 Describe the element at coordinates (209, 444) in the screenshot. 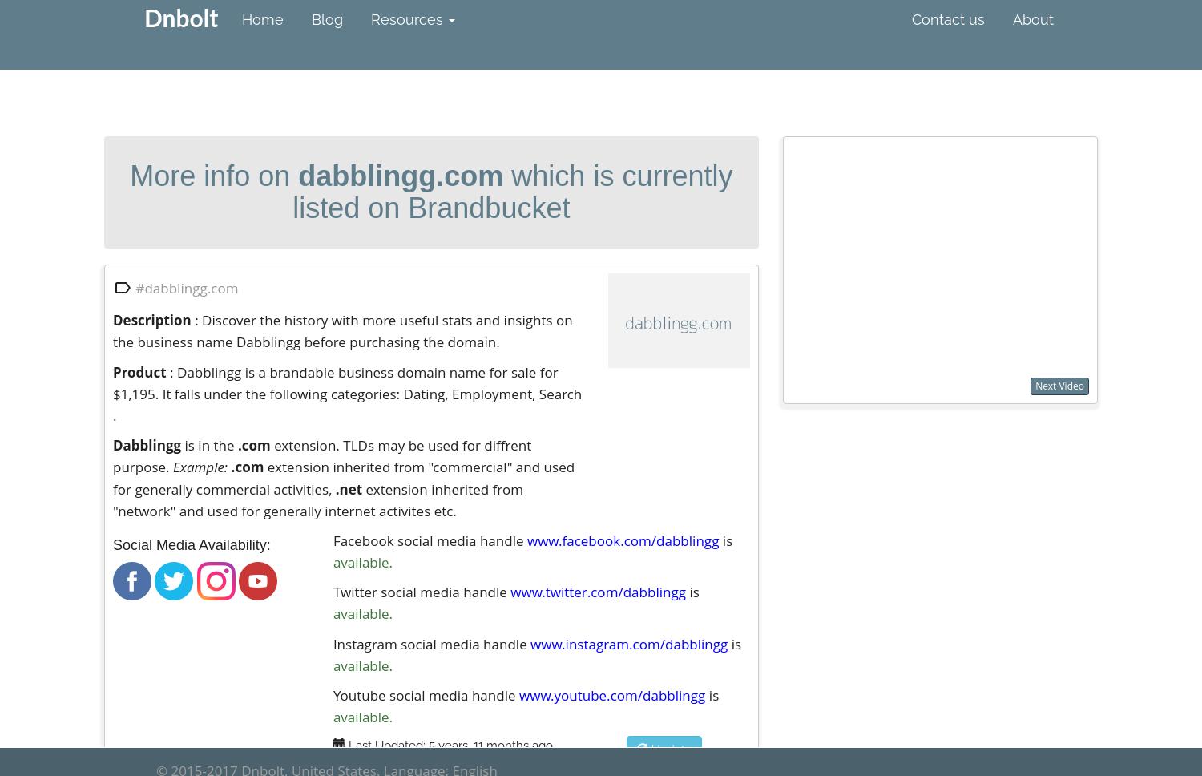

I see `'is in the'` at that location.